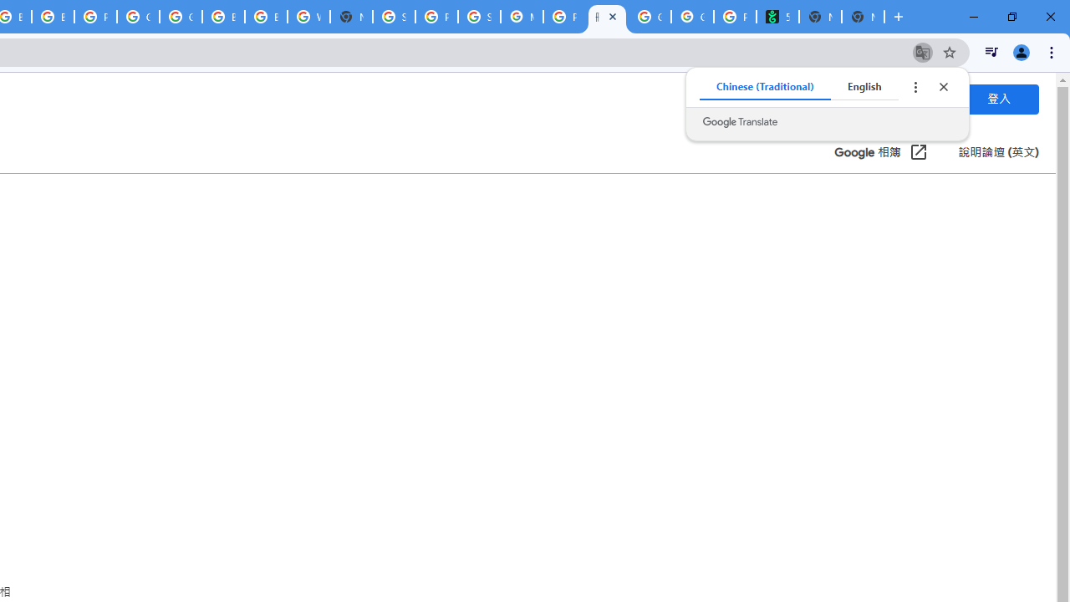 This screenshot has height=602, width=1070. I want to click on 'English', so click(864, 87).